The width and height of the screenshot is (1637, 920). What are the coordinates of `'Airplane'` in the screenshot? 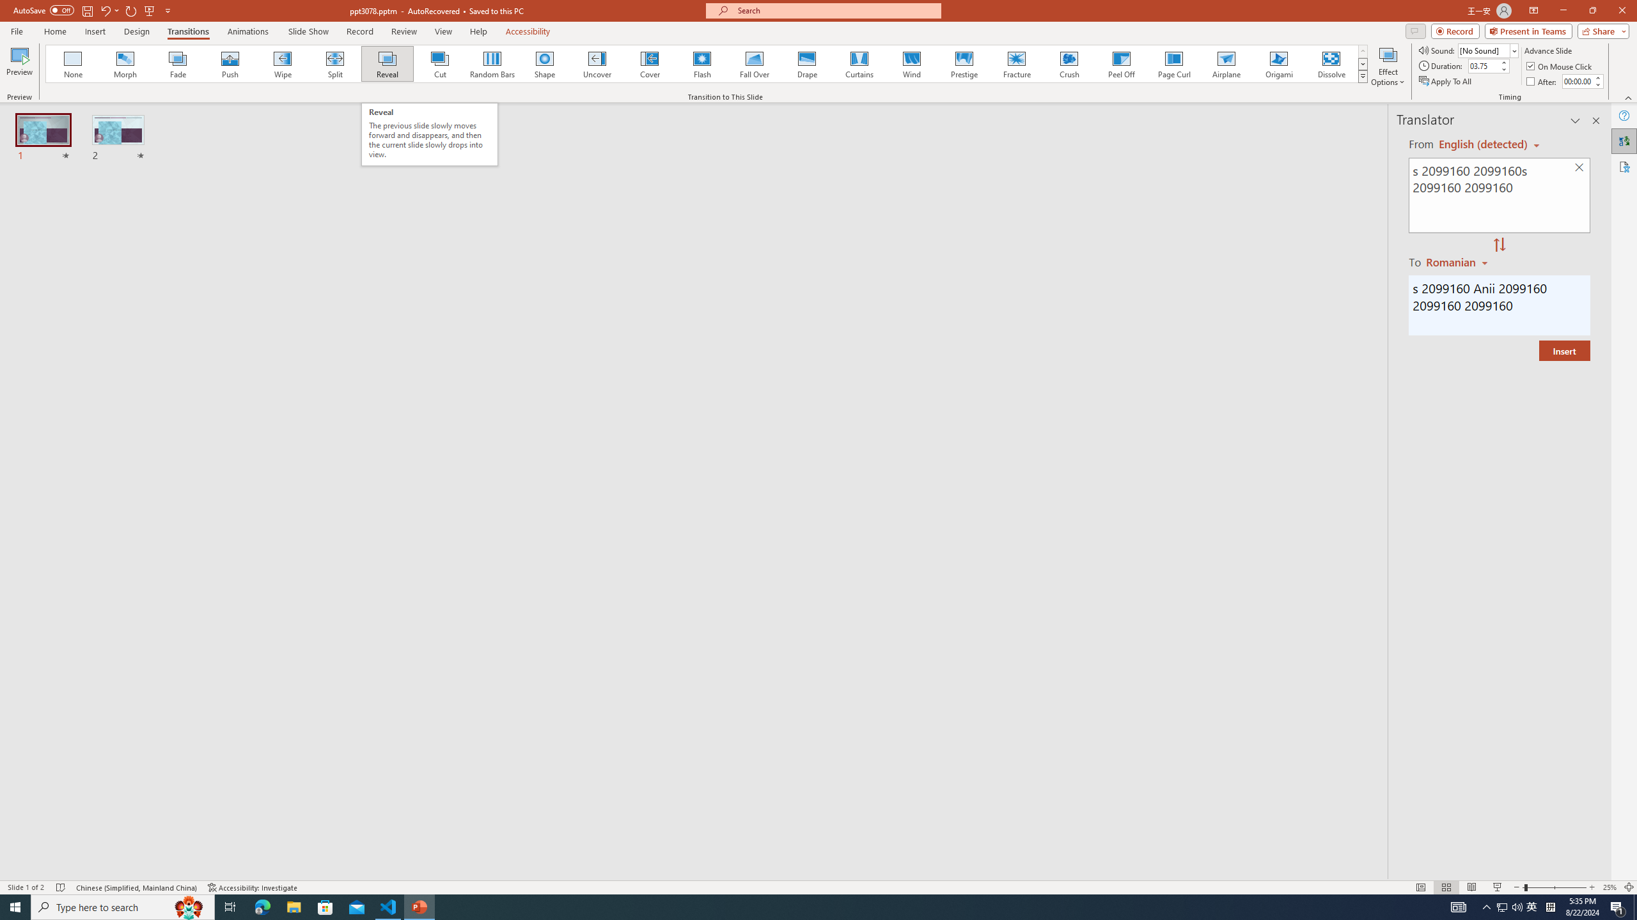 It's located at (1225, 63).